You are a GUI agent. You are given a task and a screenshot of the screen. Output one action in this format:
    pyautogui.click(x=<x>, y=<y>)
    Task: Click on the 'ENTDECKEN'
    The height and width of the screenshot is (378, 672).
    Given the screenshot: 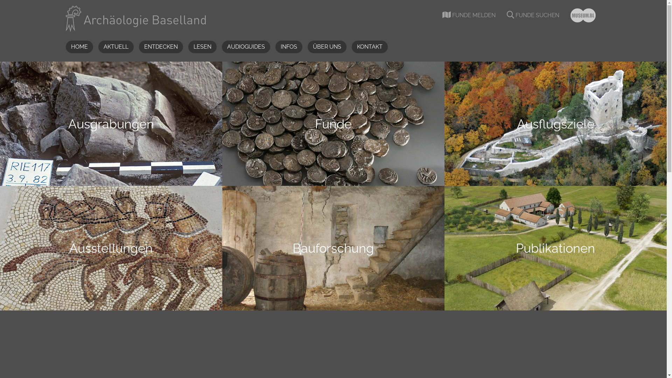 What is the action you would take?
    pyautogui.click(x=160, y=47)
    